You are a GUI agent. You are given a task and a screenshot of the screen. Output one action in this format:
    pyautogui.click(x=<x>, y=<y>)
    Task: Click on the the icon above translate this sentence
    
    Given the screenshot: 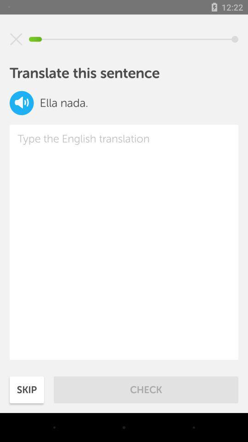 What is the action you would take?
    pyautogui.click(x=16, y=39)
    